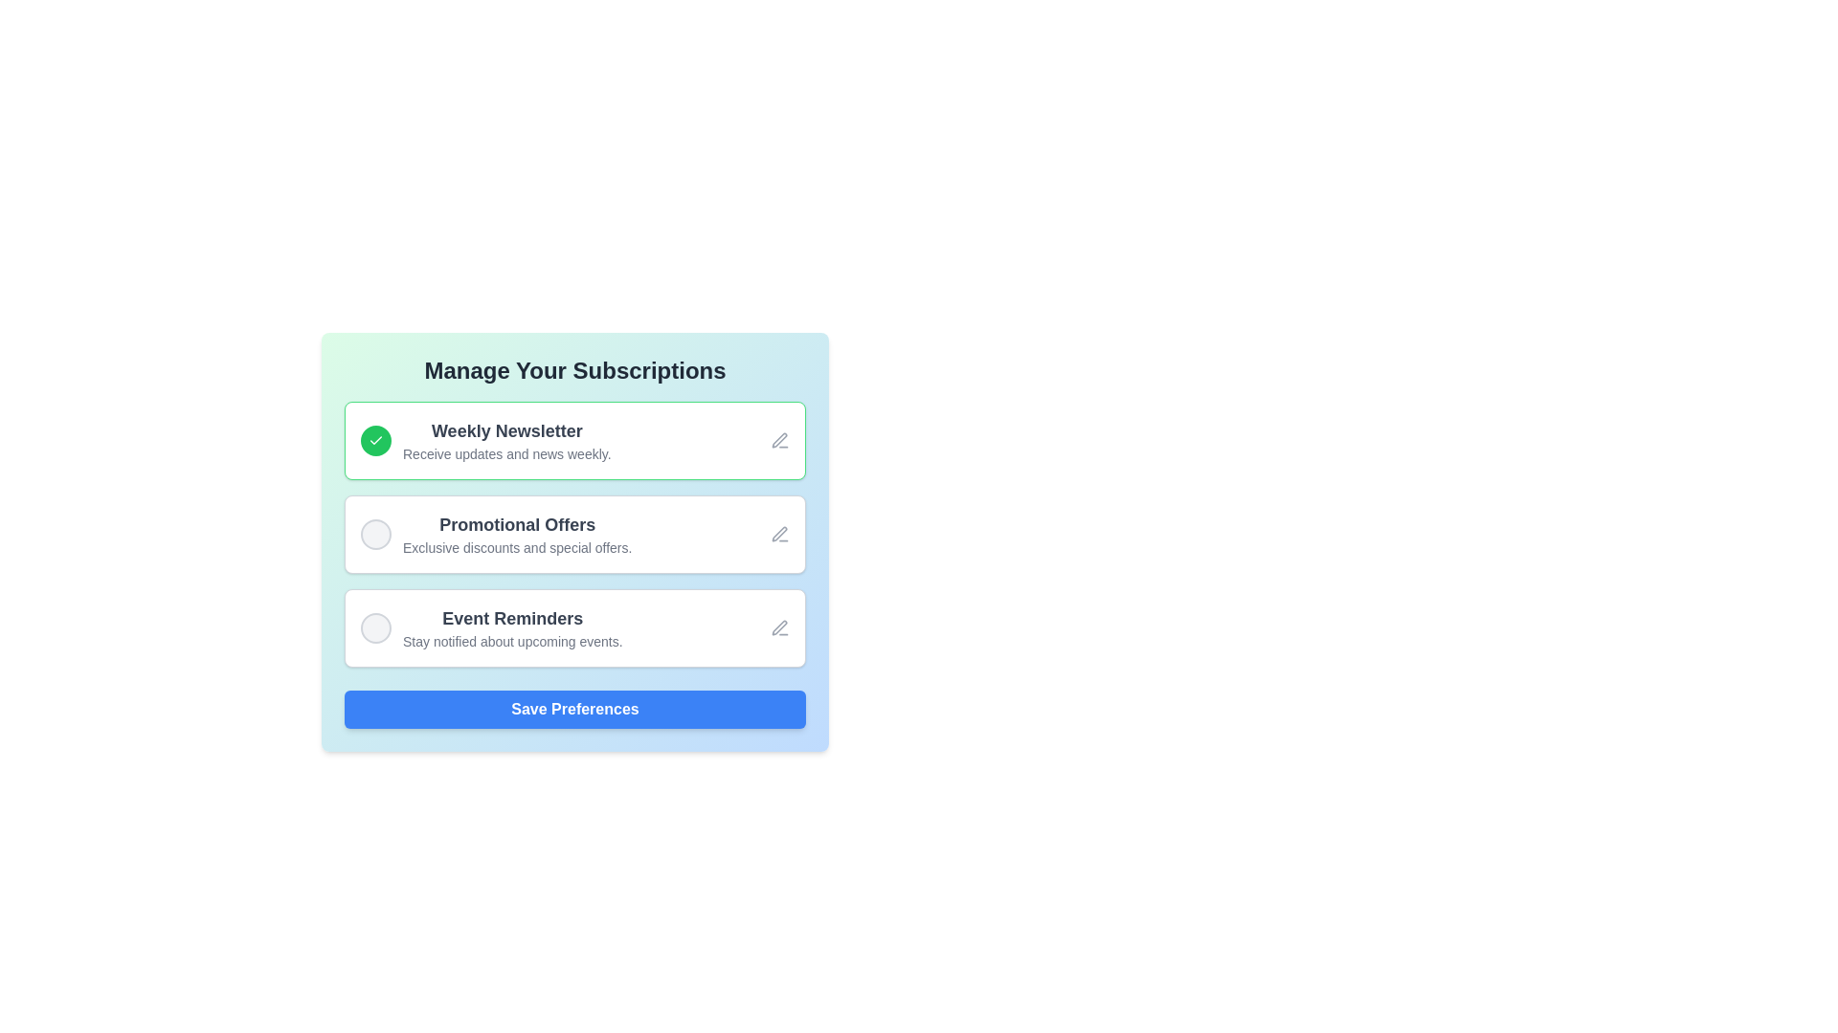  What do you see at coordinates (506, 453) in the screenshot?
I see `the text element providing supplementary details about the 'Weekly Newsletter' subscription, located directly underneath its title` at bounding box center [506, 453].